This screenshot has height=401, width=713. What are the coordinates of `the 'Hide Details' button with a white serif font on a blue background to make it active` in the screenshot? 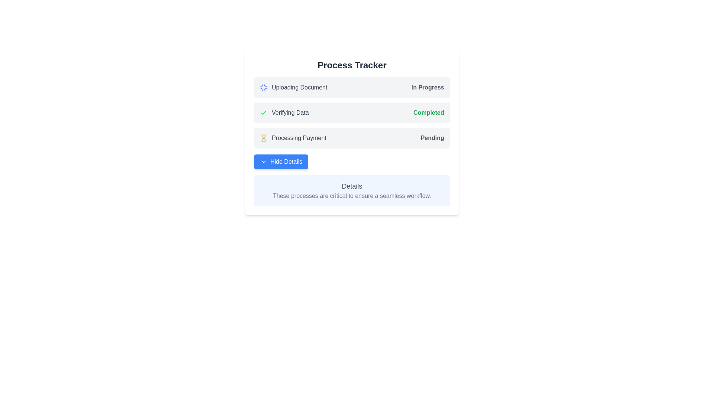 It's located at (281, 161).